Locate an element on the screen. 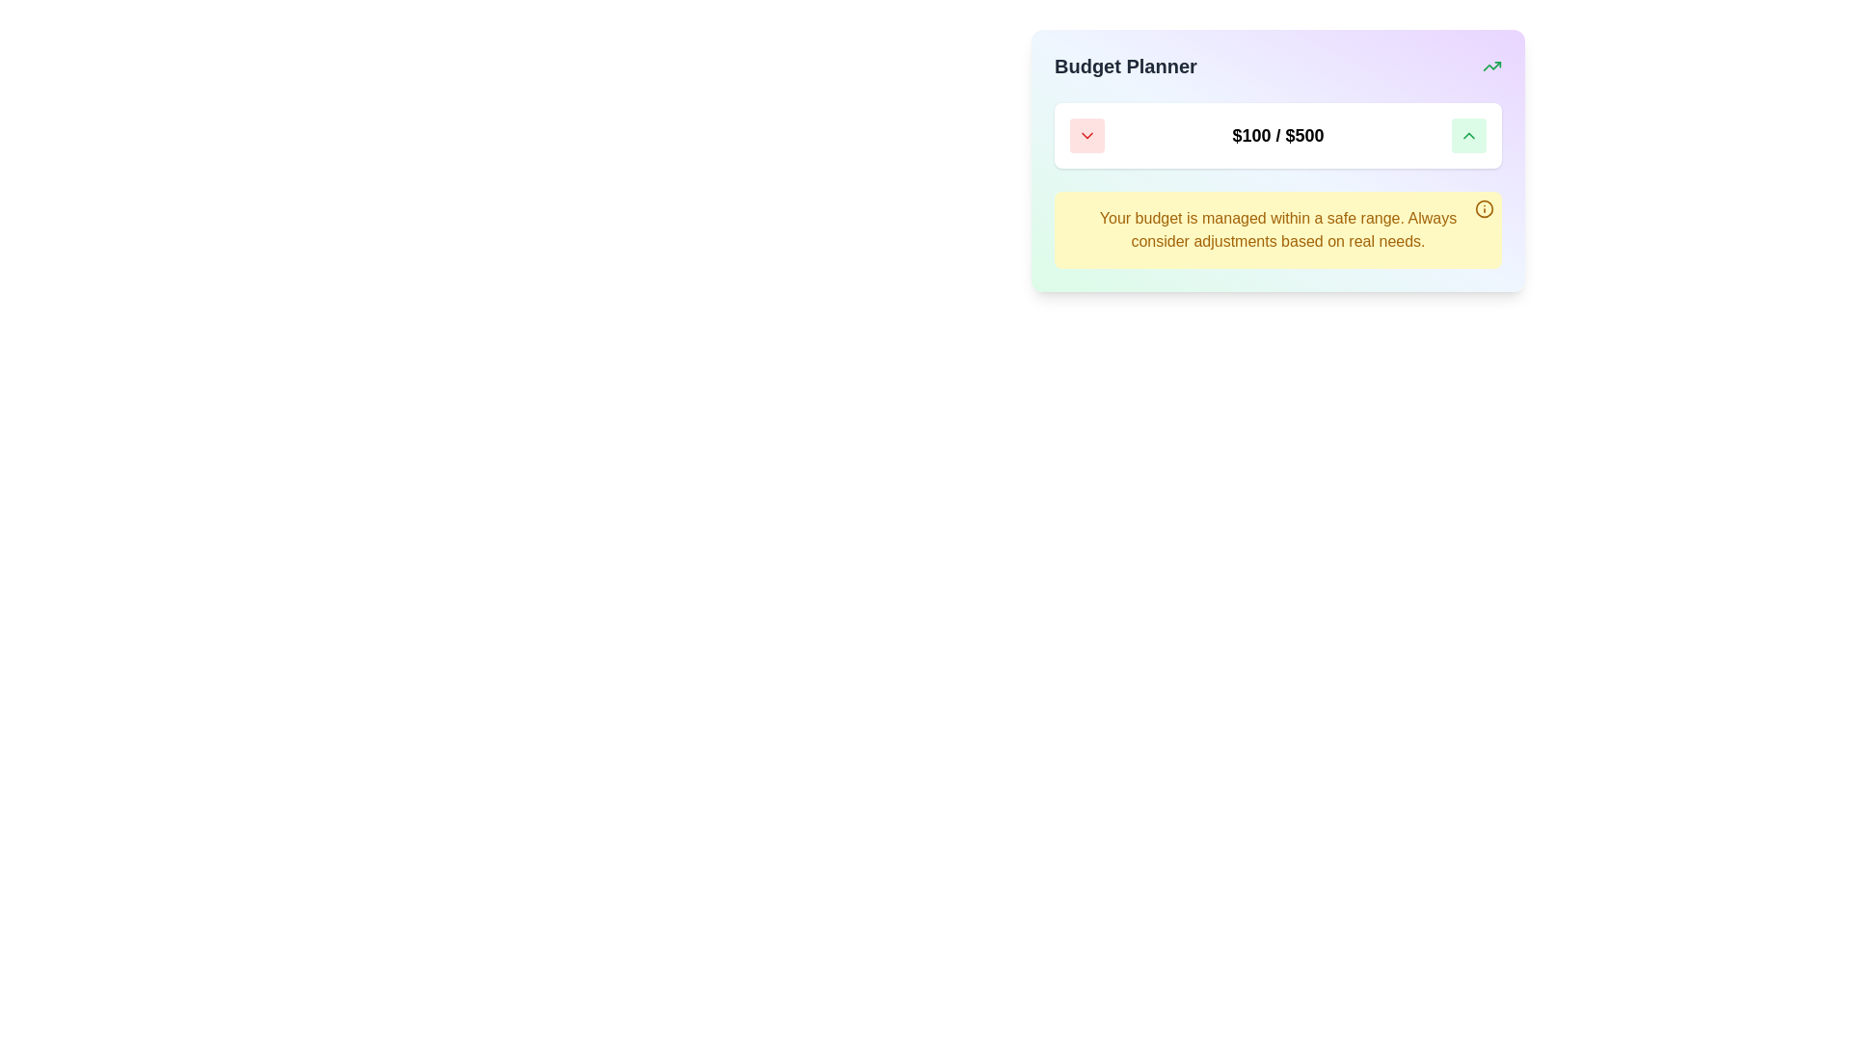  the green button with a triangular icon located on the right side of the budget display ('$100 / $500') is located at coordinates (1467, 135).